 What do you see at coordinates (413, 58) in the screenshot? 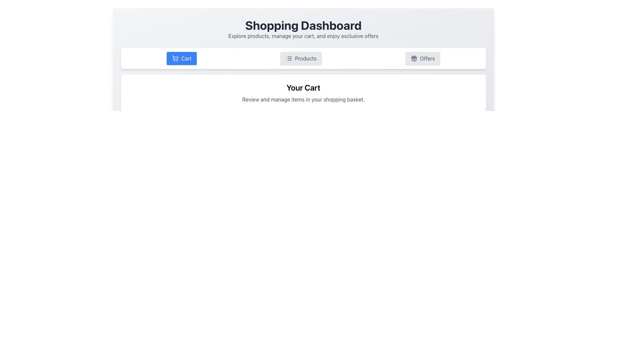
I see `the visual indicator icon for the 'Offers' button, which is located on the left side of the 'Offers' button in the horizontal navigation bar` at bounding box center [413, 58].